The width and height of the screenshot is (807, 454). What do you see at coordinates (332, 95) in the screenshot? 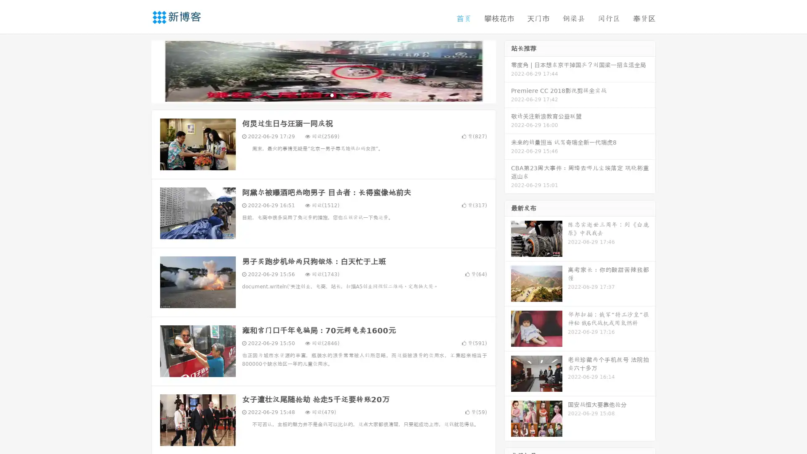
I see `Go to slide 3` at bounding box center [332, 95].